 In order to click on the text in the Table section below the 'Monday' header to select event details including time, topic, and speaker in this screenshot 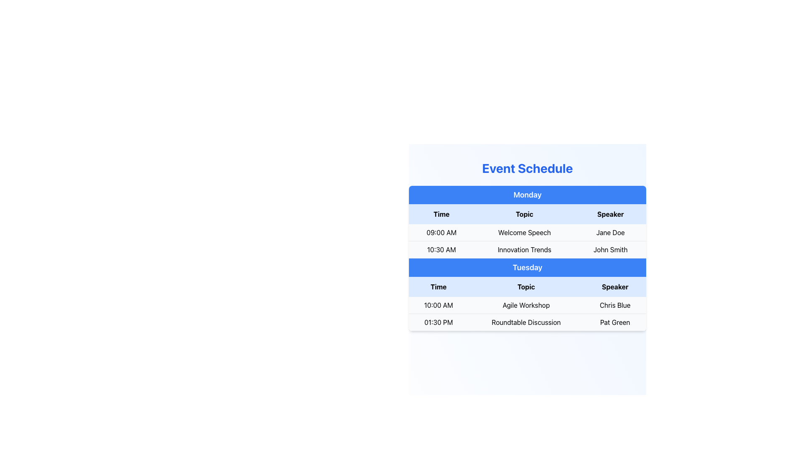, I will do `click(527, 231)`.